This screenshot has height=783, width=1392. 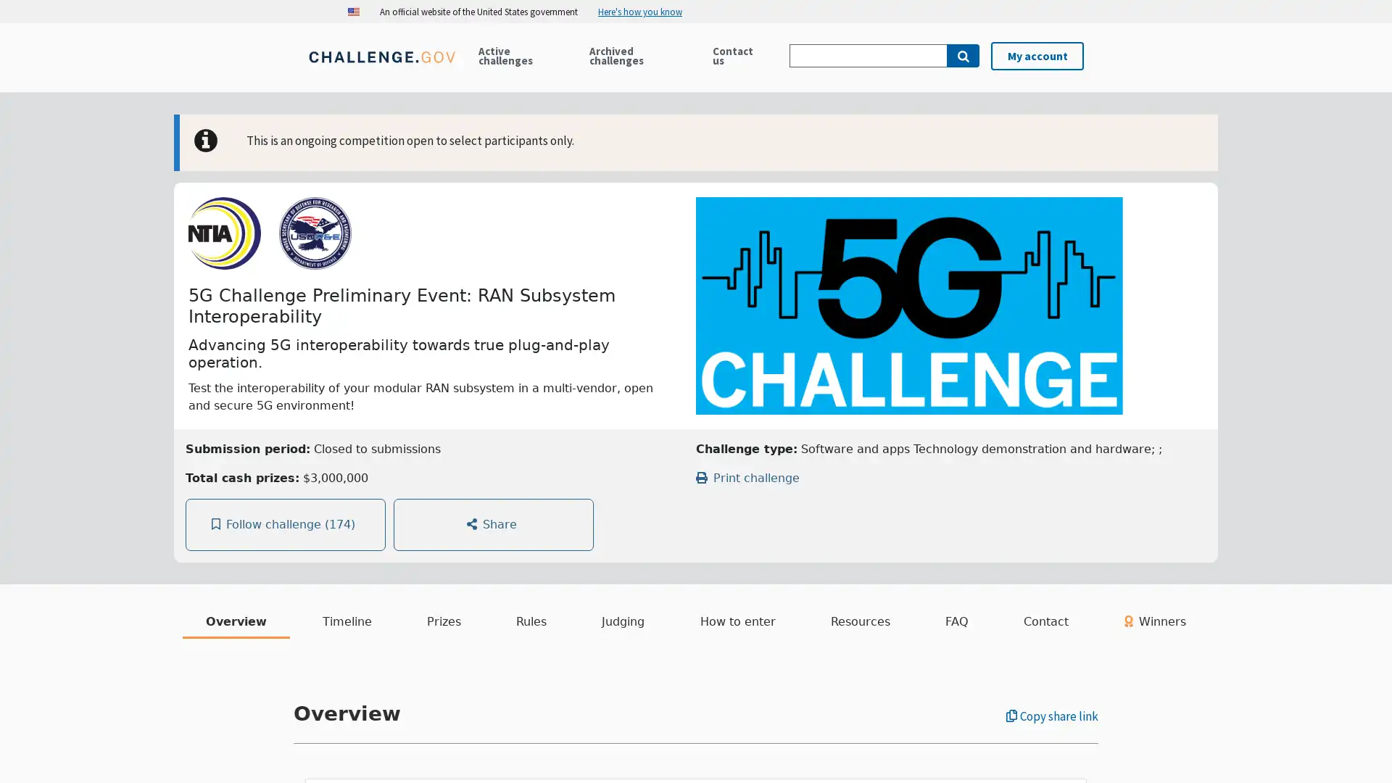 I want to click on Search, so click(x=963, y=55).